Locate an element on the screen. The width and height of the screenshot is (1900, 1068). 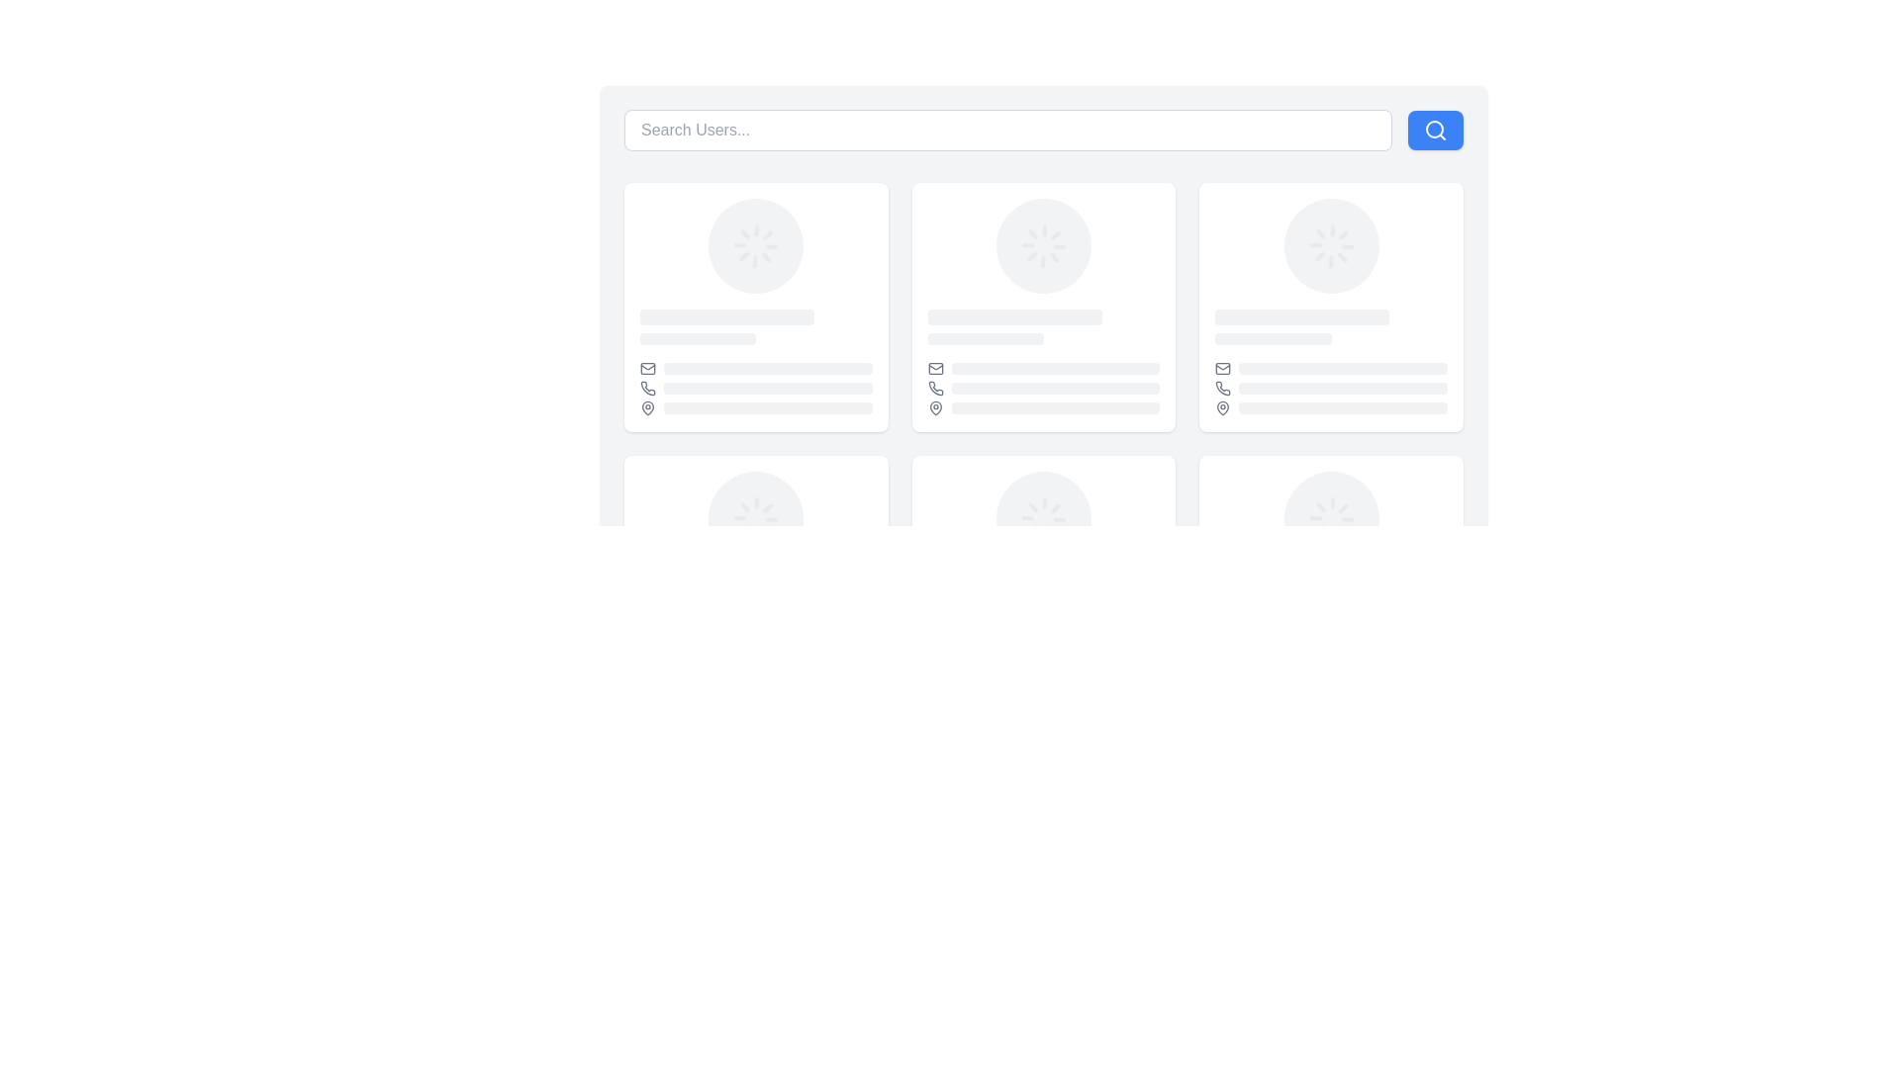
the phone contact icon located in the second card of the user profile, positioned below the email icon and above the location icon is located at coordinates (934, 389).